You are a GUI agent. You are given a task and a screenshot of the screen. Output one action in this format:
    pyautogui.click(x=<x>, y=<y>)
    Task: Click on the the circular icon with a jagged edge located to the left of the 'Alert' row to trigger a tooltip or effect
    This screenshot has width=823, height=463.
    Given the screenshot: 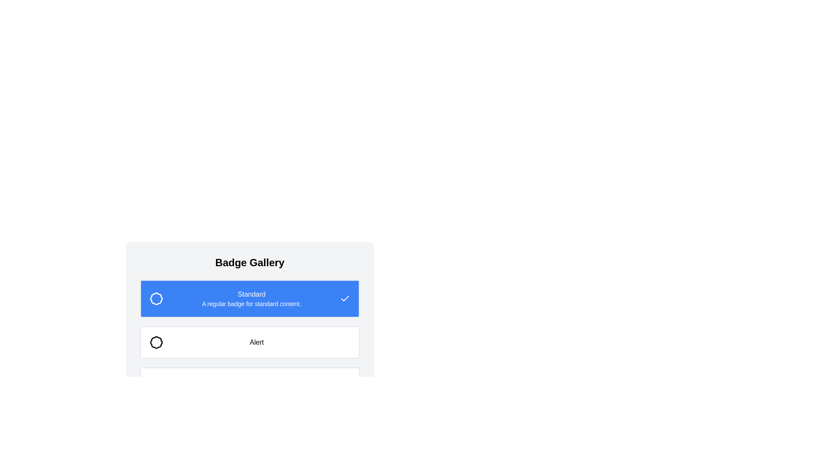 What is the action you would take?
    pyautogui.click(x=156, y=342)
    